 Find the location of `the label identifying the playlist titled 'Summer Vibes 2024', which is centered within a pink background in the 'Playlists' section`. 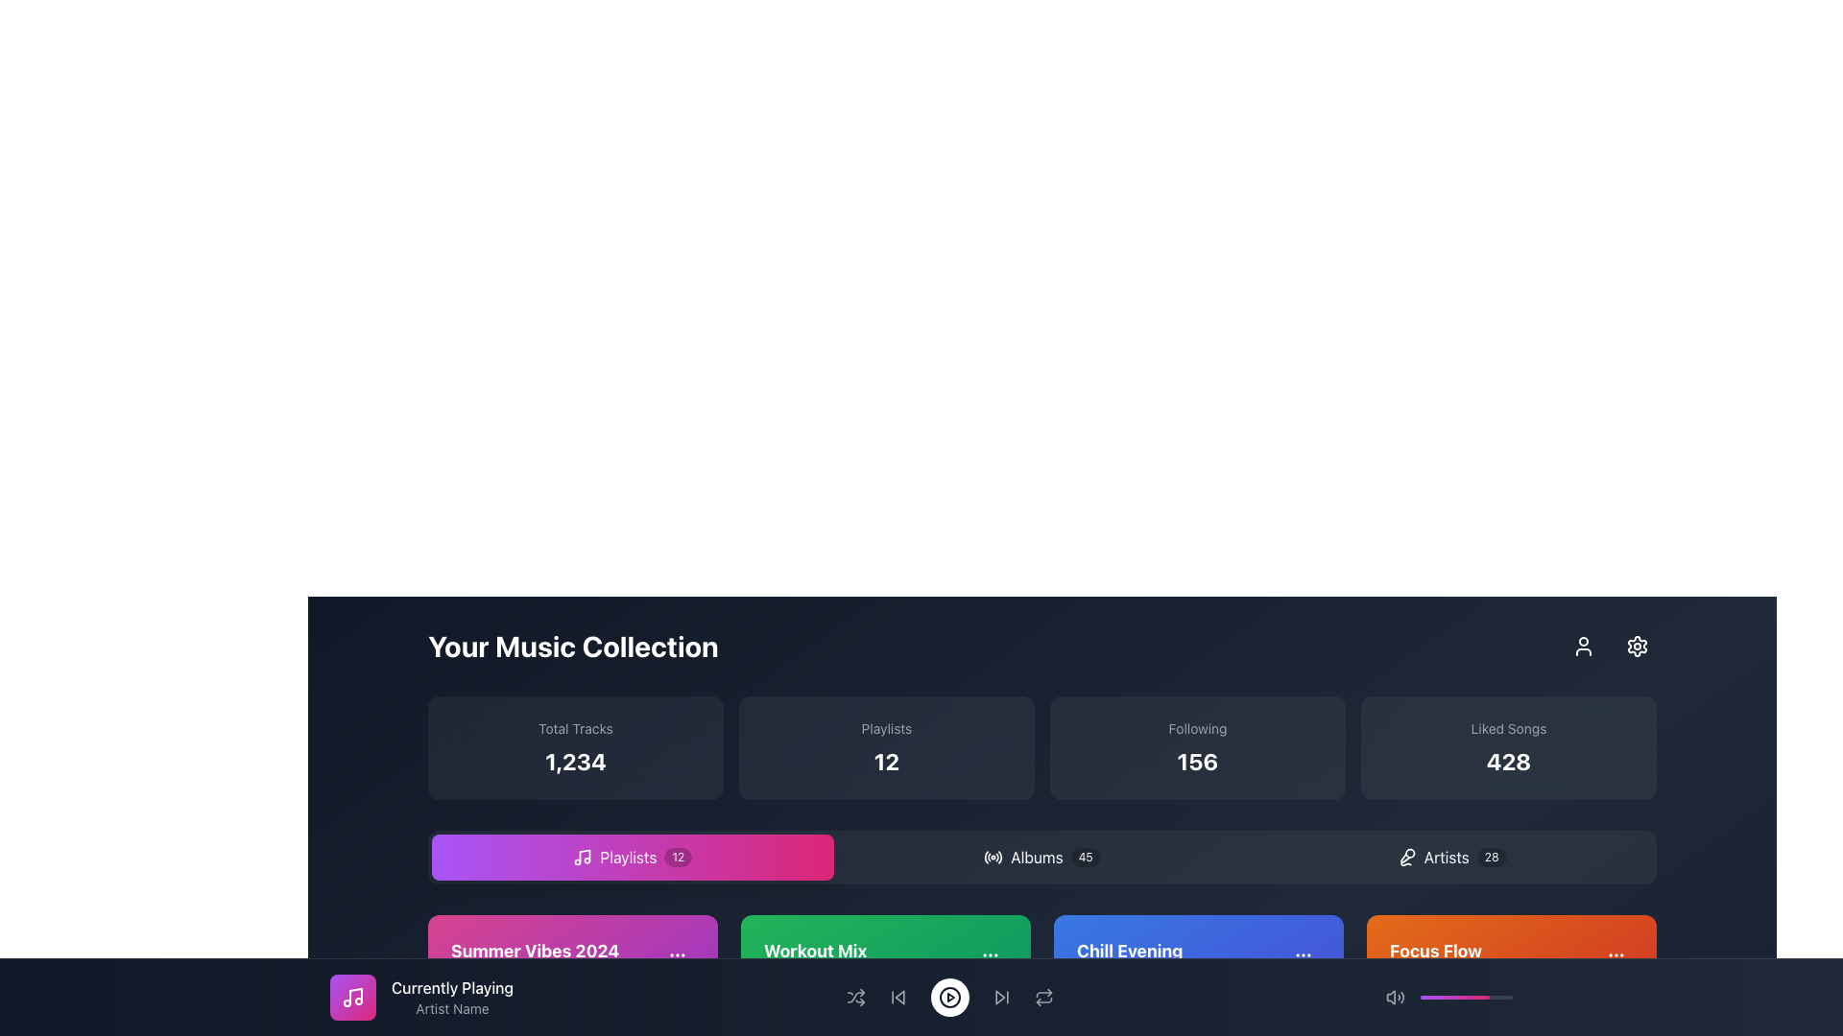

the label identifying the playlist titled 'Summer Vibes 2024', which is centered within a pink background in the 'Playlists' section is located at coordinates (535, 951).